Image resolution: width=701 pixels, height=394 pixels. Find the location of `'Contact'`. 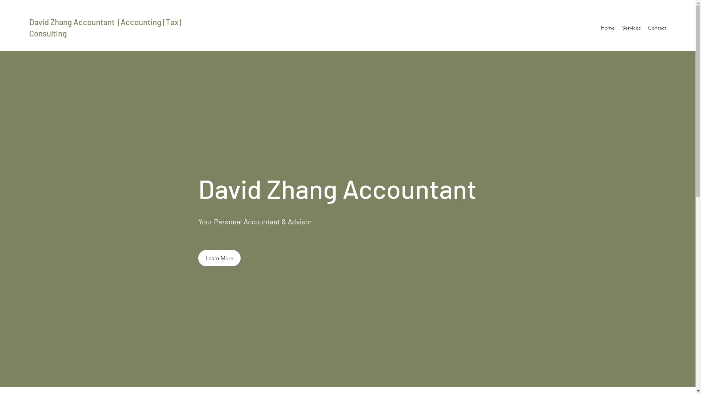

'Contact' is located at coordinates (657, 27).